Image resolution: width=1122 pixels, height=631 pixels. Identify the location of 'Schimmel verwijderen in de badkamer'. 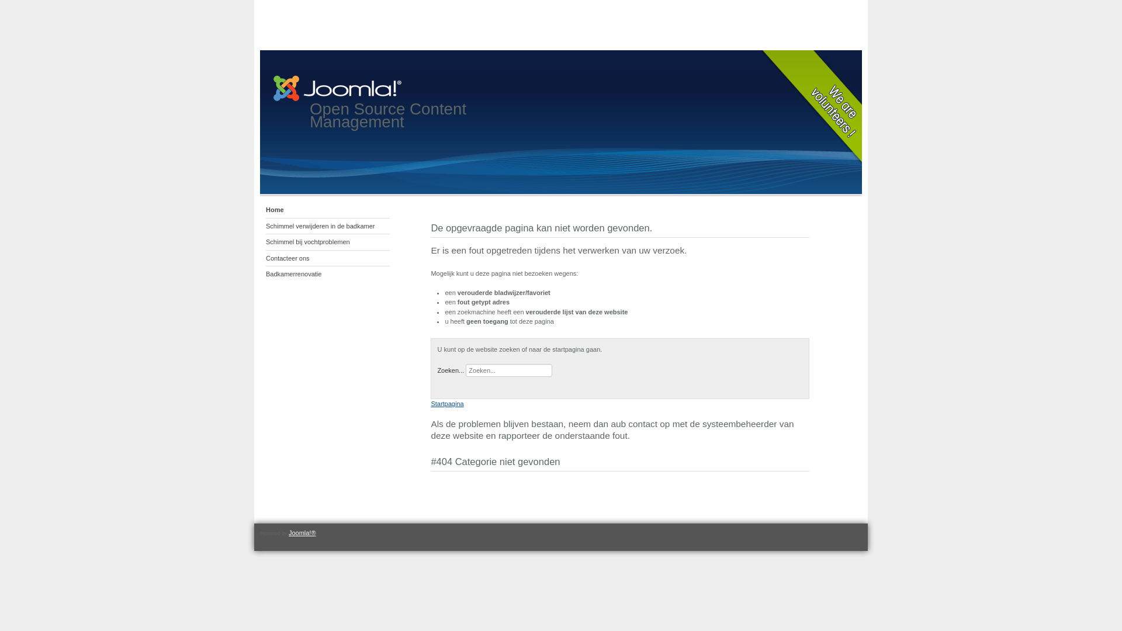
(327, 227).